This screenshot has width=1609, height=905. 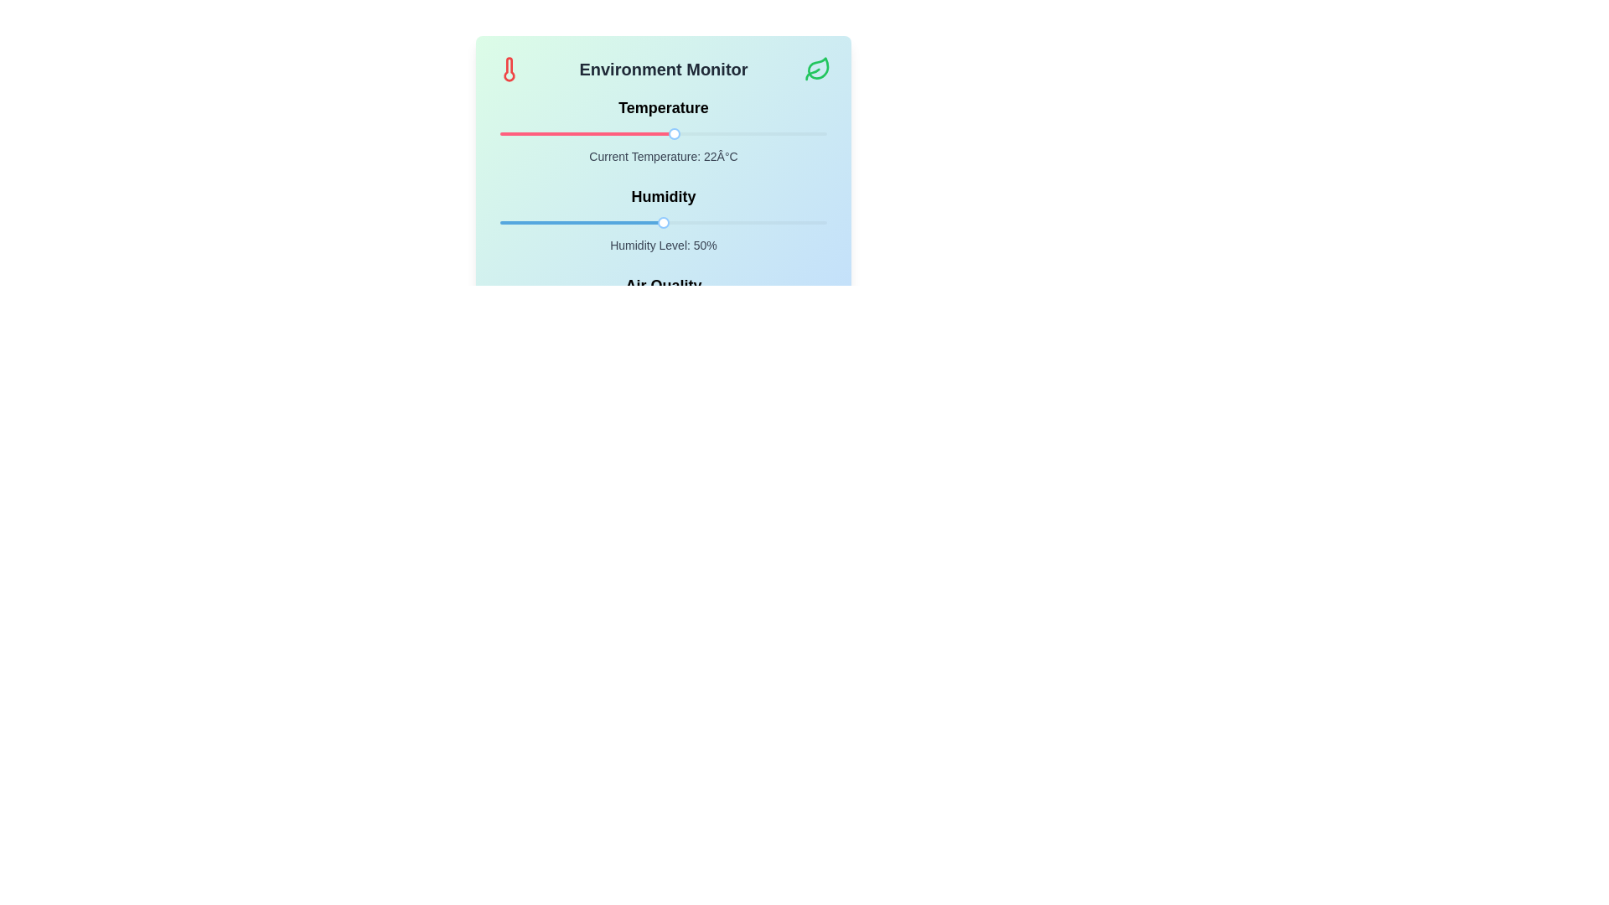 What do you see at coordinates (663, 284) in the screenshot?
I see `the text label displaying 'Air Quality', which is bold and larger in font size, located in the lower part of the interface above the Air Quality Index indicators` at bounding box center [663, 284].